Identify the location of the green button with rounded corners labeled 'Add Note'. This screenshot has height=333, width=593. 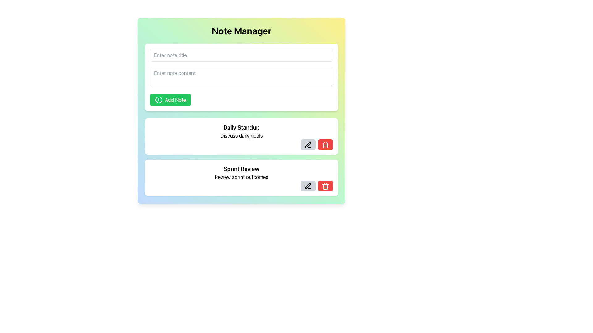
(170, 100).